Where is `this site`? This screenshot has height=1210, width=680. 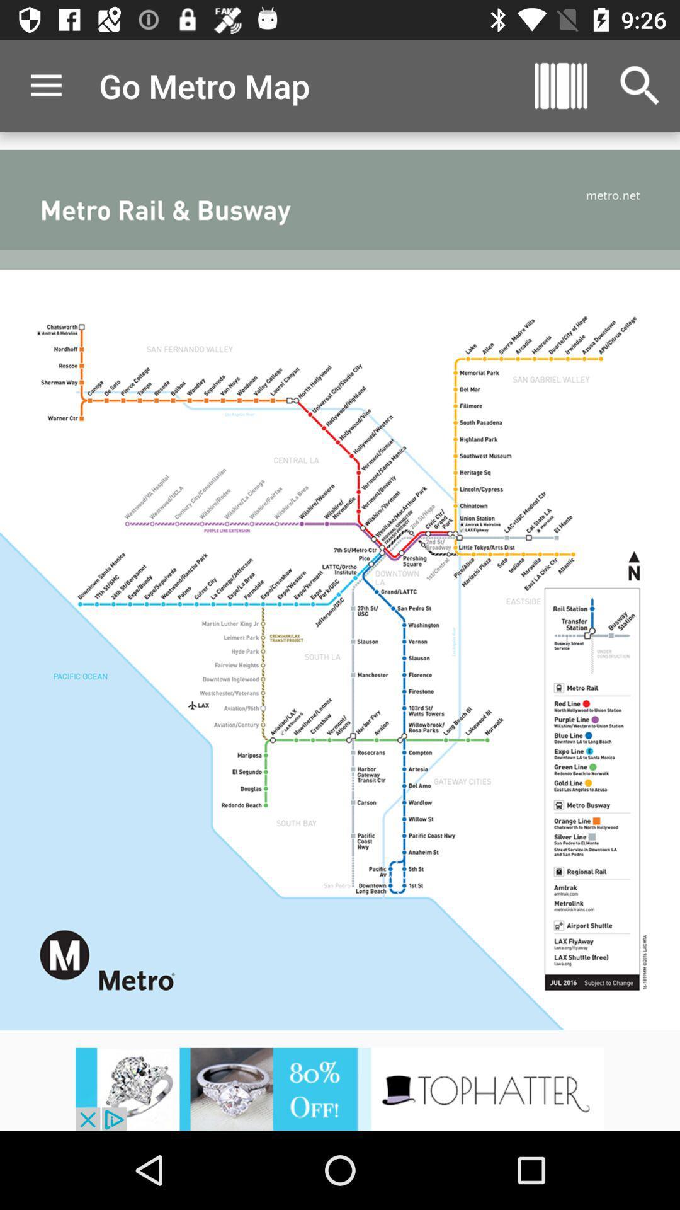 this site is located at coordinates (340, 1088).